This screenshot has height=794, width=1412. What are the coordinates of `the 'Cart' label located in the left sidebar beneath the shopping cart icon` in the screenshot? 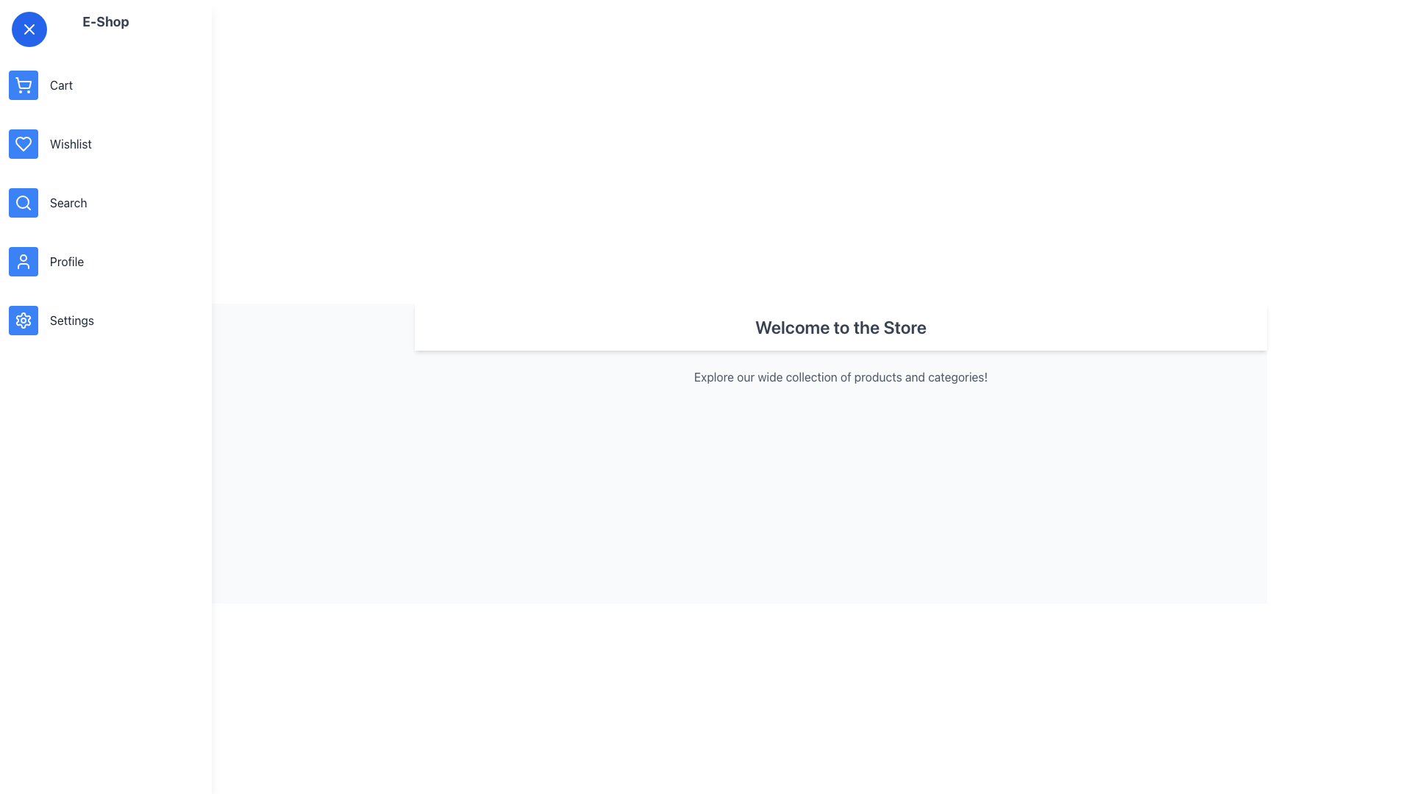 It's located at (60, 85).